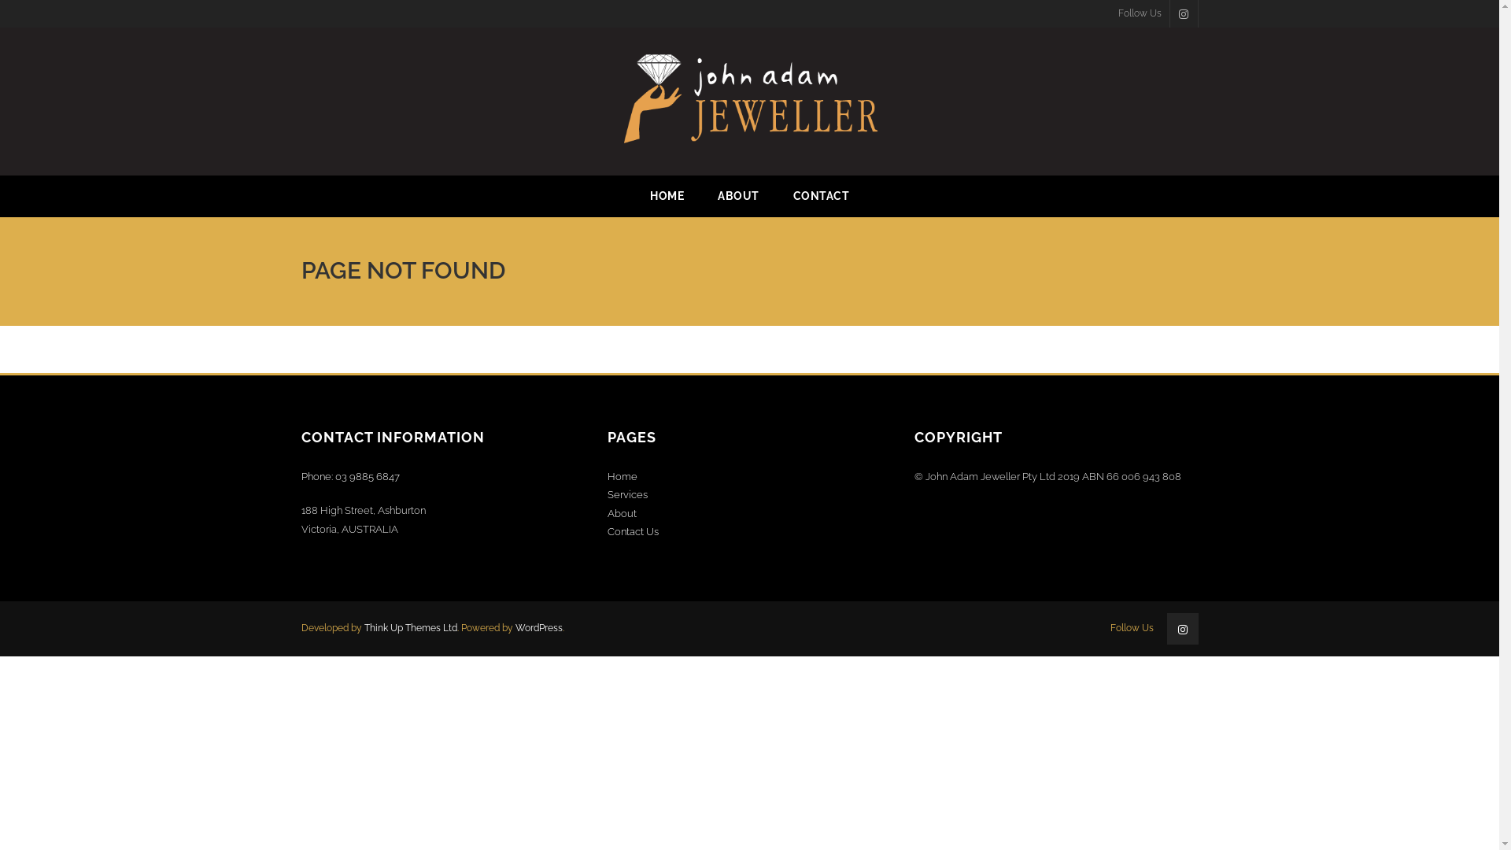  Describe the element at coordinates (667, 195) in the screenshot. I see `'HOME'` at that location.